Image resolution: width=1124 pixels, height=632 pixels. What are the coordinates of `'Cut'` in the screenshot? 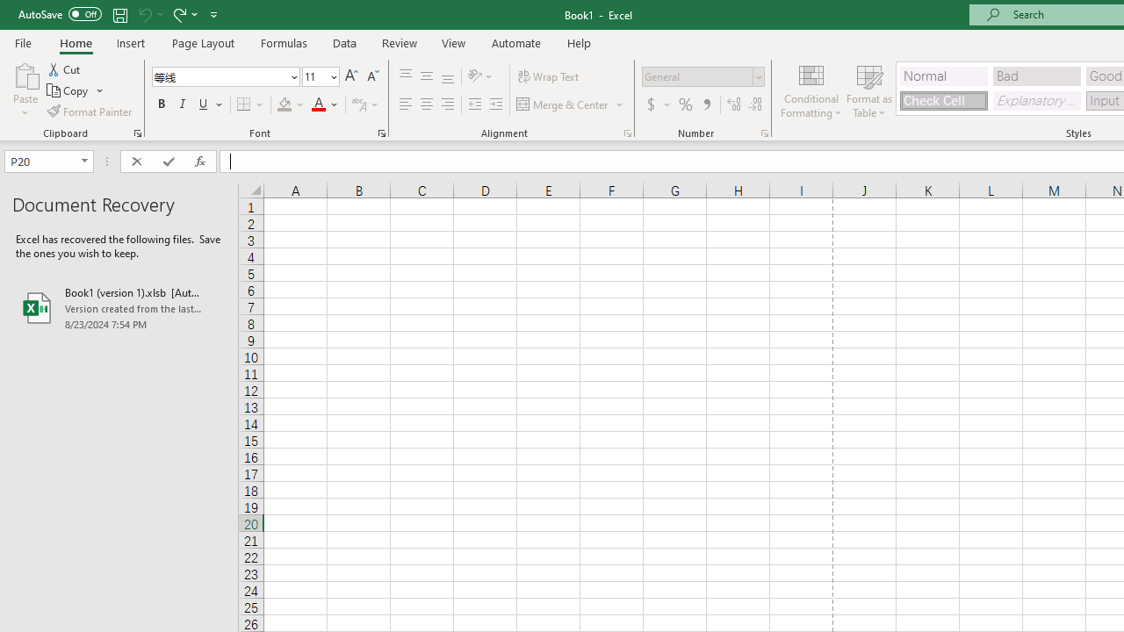 It's located at (65, 68).